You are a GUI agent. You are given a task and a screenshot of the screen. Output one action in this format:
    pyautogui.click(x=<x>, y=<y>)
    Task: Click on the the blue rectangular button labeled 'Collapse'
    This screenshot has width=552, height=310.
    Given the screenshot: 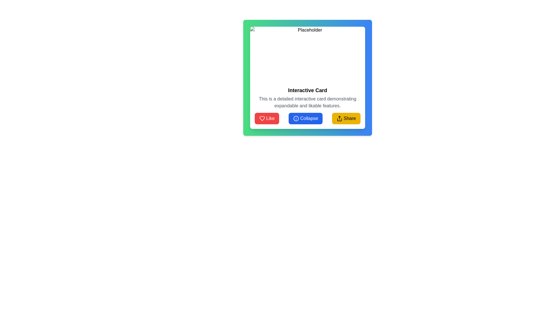 What is the action you would take?
    pyautogui.click(x=307, y=118)
    